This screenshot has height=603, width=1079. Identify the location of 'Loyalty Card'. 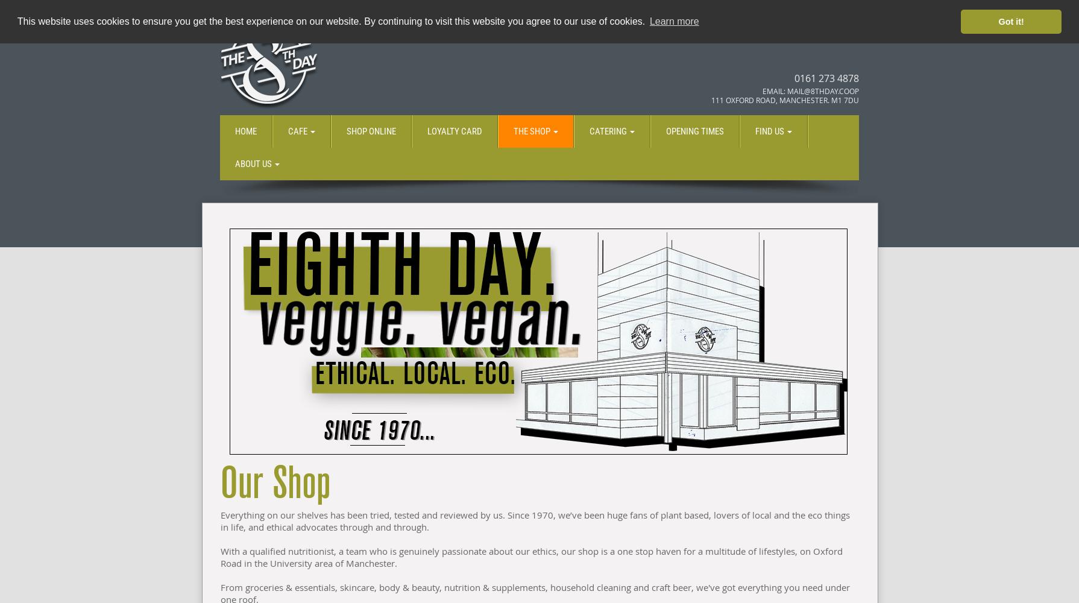
(427, 131).